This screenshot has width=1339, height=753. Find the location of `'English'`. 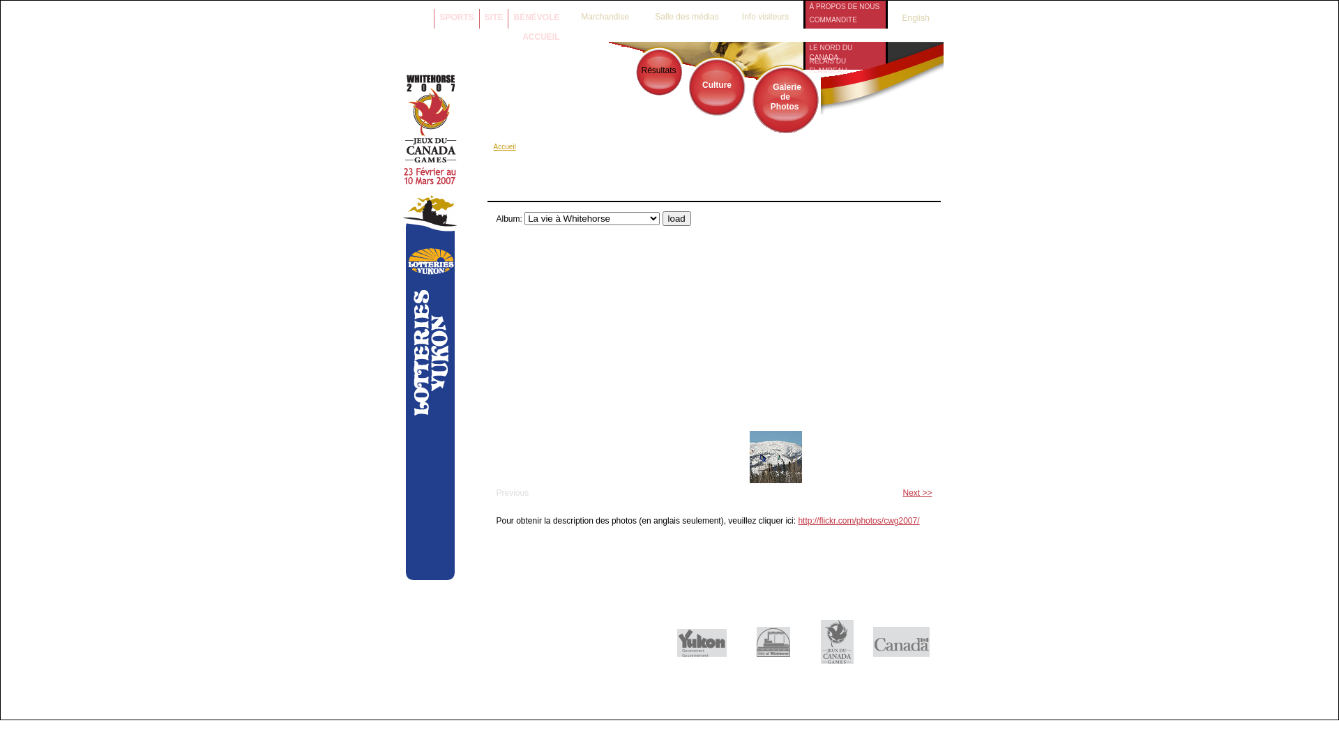

'English' is located at coordinates (908, 18).